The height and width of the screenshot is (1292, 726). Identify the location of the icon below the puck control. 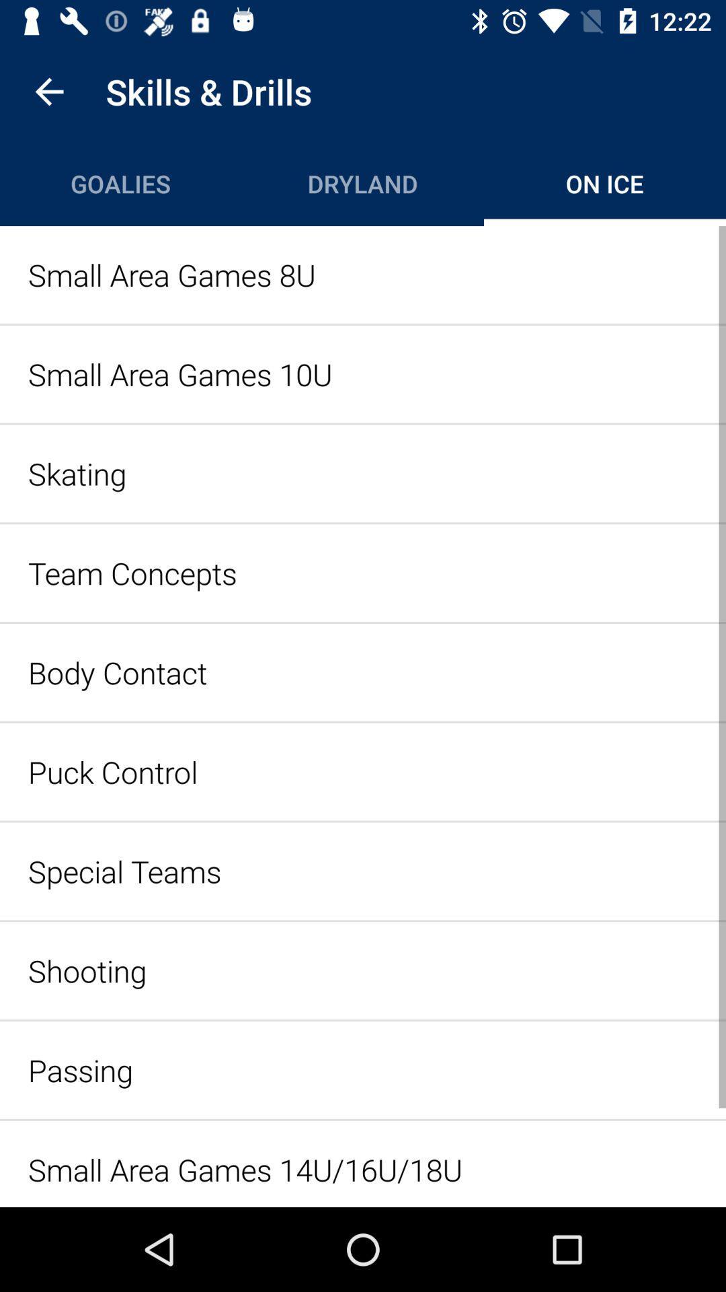
(363, 871).